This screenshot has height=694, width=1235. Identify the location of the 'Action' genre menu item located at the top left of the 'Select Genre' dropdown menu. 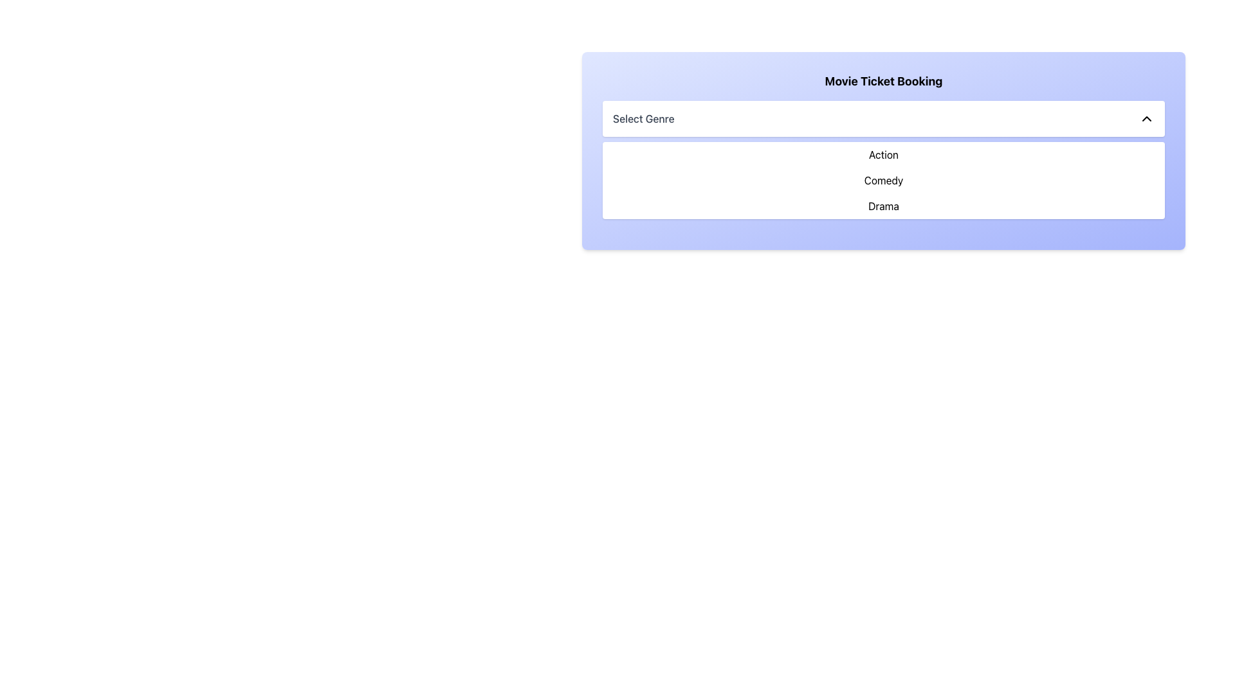
(883, 154).